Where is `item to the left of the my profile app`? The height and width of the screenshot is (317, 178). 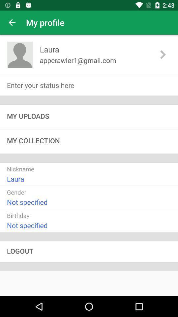 item to the left of the my profile app is located at coordinates (12, 22).